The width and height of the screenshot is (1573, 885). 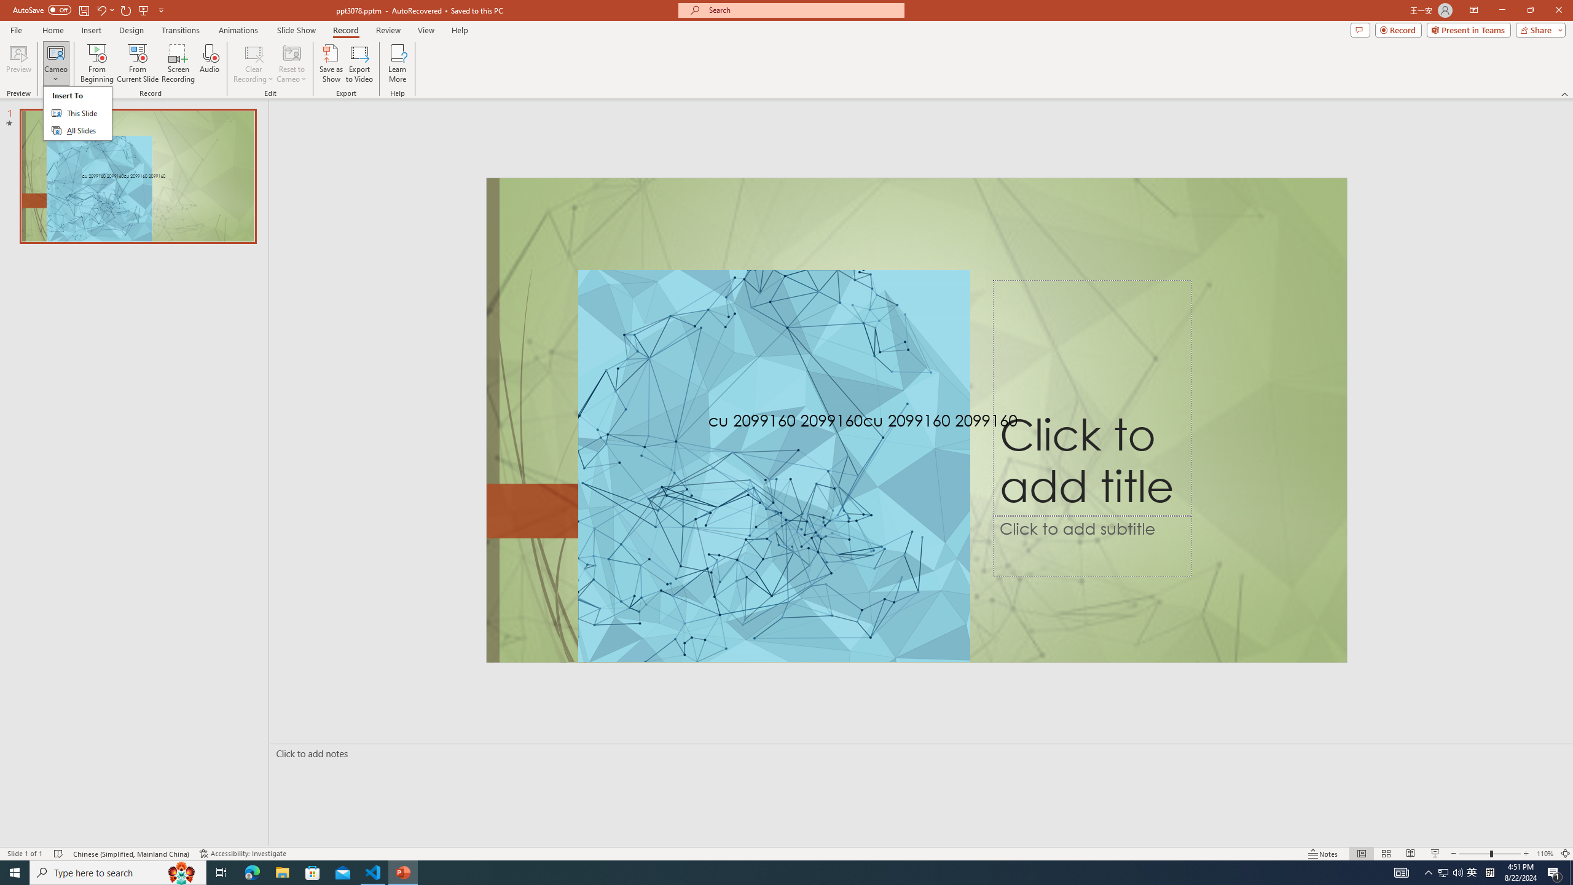 What do you see at coordinates (1428, 871) in the screenshot?
I see `'Notification Chevron'` at bounding box center [1428, 871].